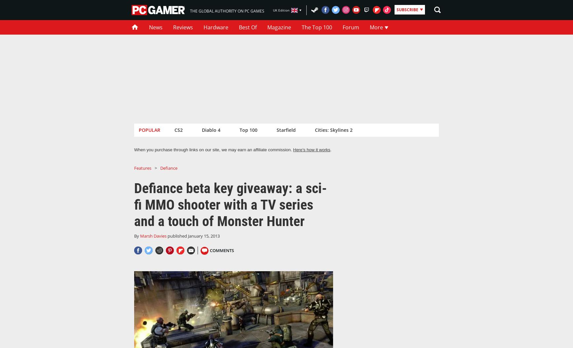 The width and height of the screenshot is (573, 348). Describe the element at coordinates (239, 130) in the screenshot. I see `'Top 100'` at that location.